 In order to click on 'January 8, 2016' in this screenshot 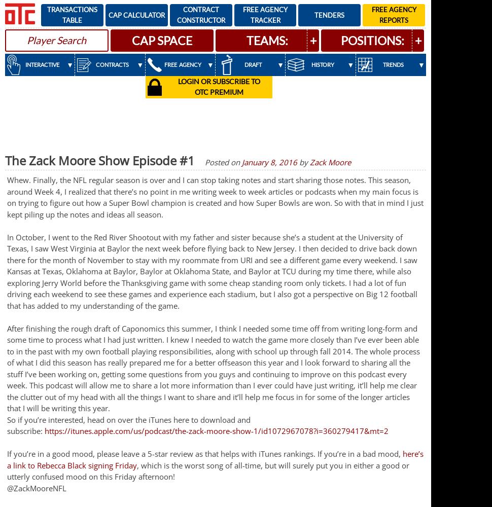, I will do `click(241, 162)`.